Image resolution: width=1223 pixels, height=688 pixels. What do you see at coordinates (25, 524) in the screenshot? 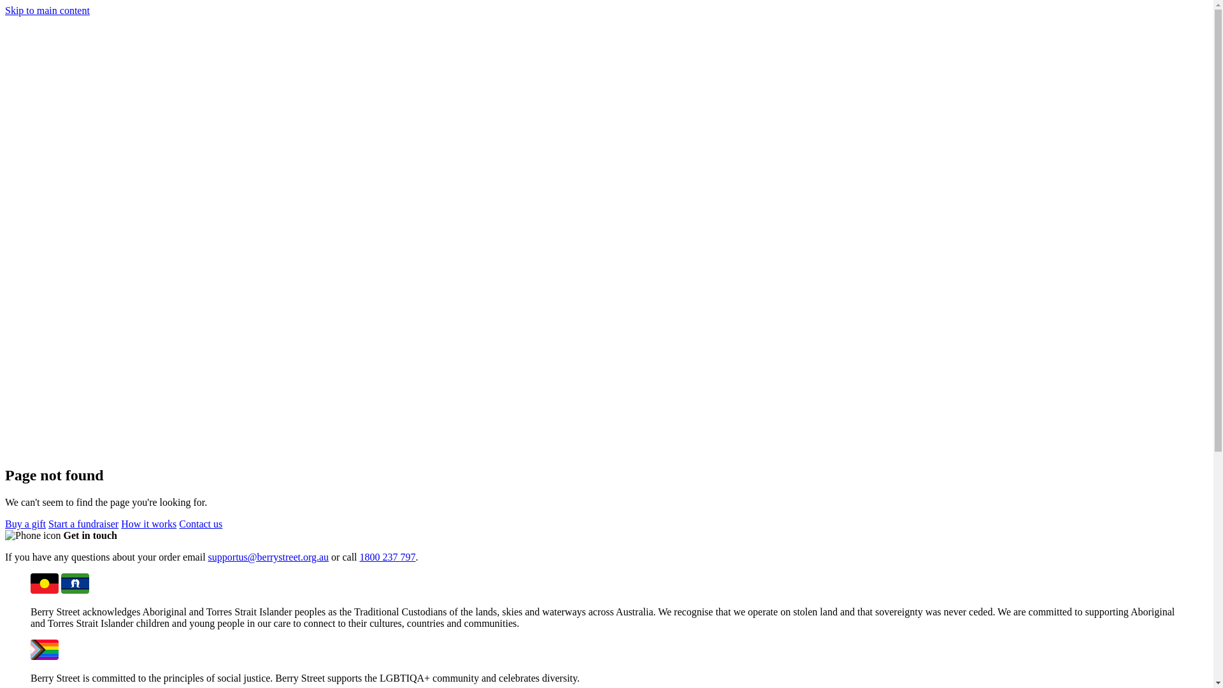
I see `'Buy a gift'` at bounding box center [25, 524].